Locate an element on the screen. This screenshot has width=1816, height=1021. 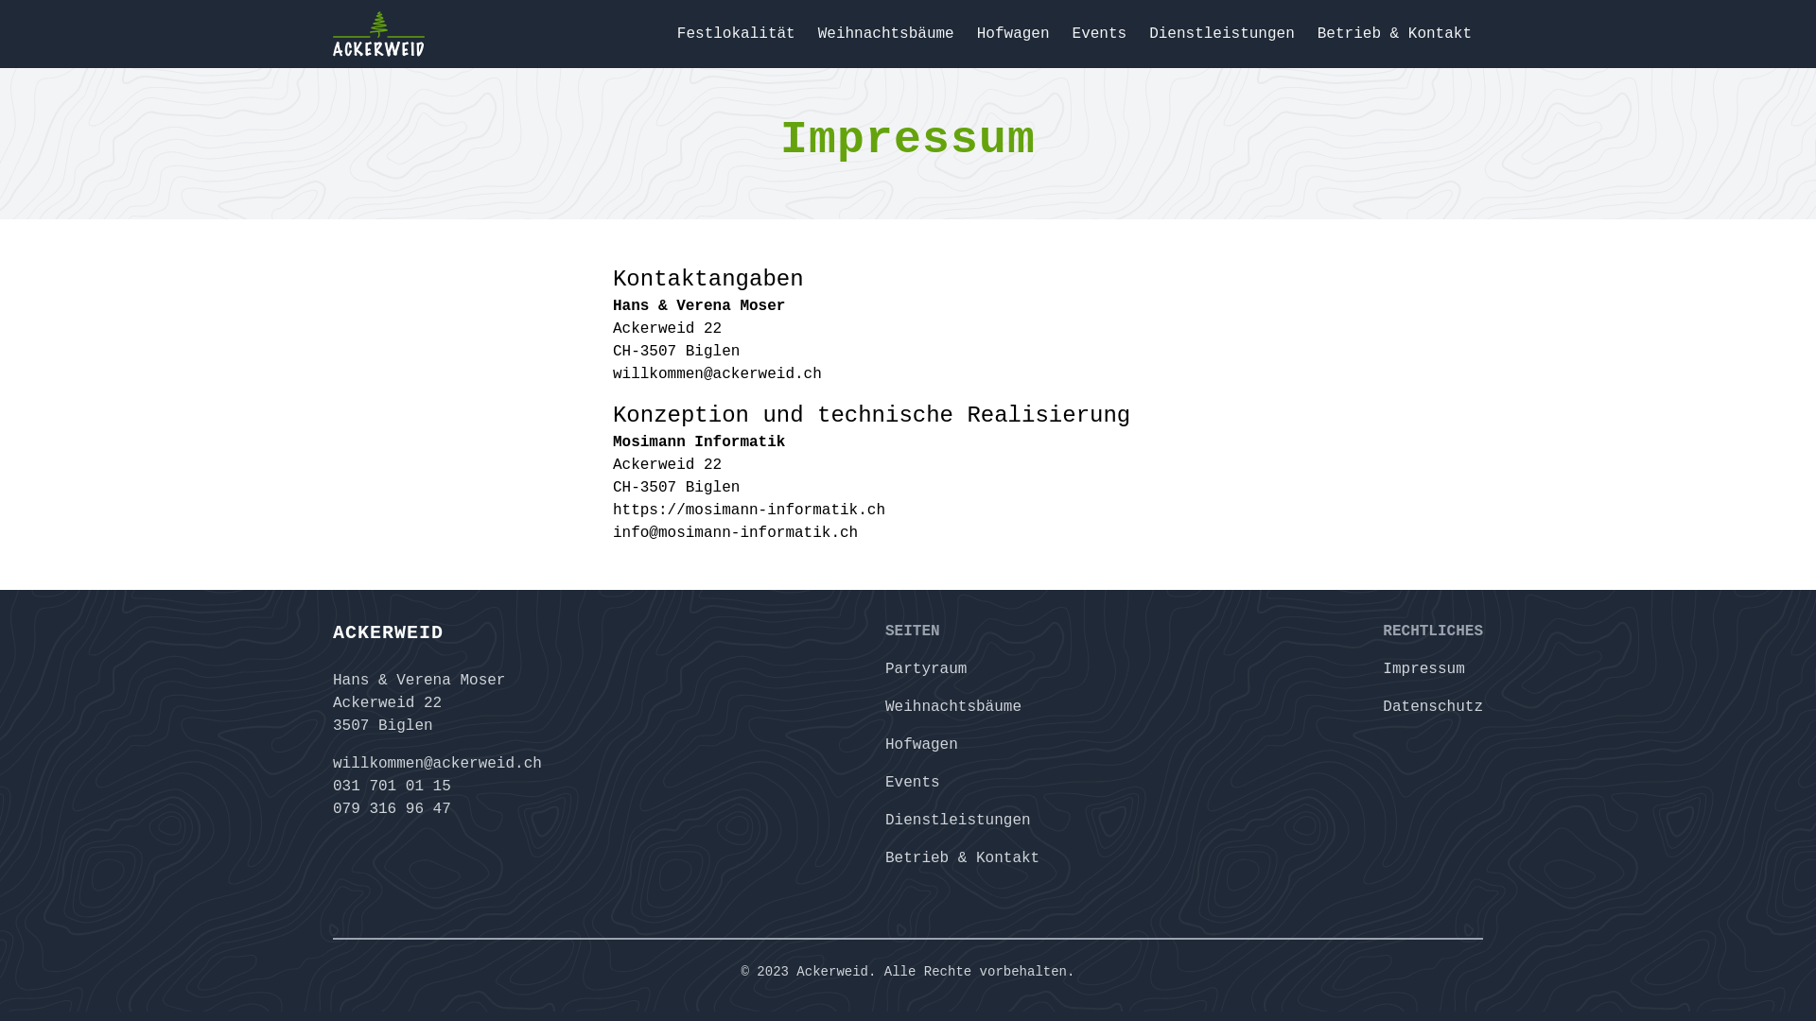
'willkommen@ackerweid.ch' is located at coordinates (436, 762).